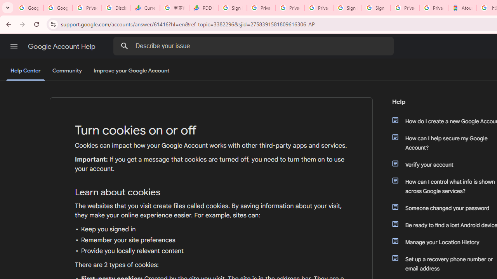  I want to click on 'Currencies - Google Finance', so click(145, 8).